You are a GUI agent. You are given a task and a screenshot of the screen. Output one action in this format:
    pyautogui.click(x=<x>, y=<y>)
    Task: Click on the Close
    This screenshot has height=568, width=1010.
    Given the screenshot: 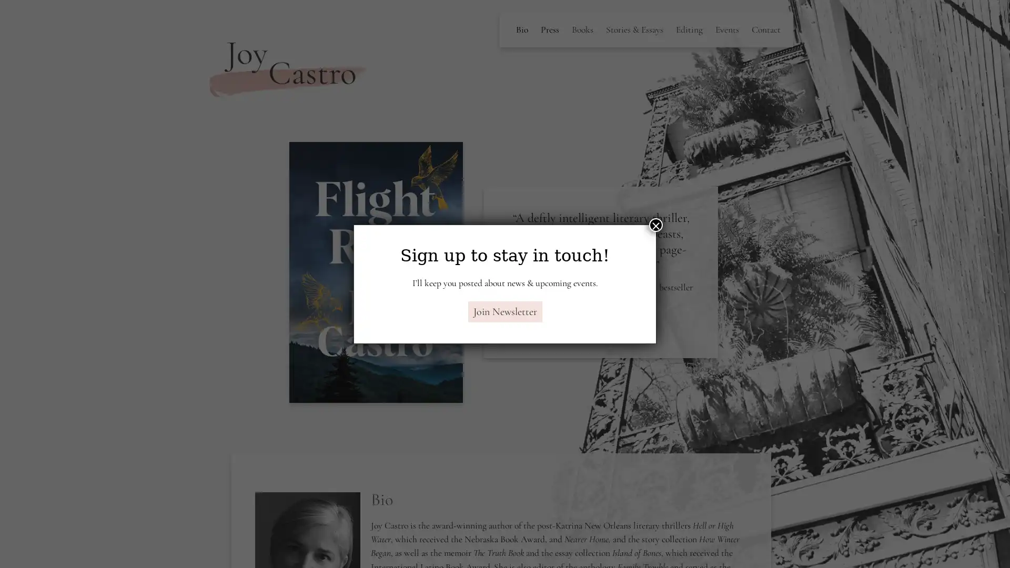 What is the action you would take?
    pyautogui.click(x=655, y=224)
    